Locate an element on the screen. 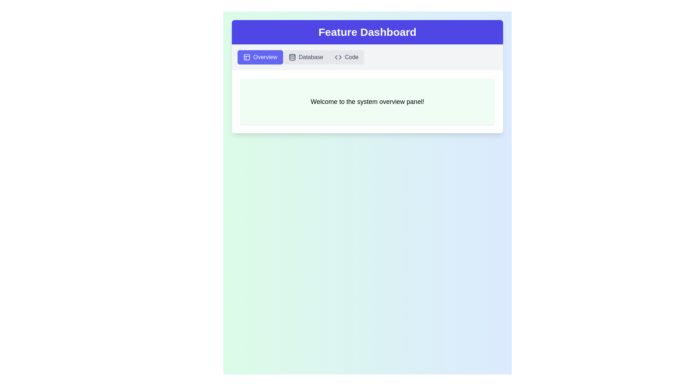  the 'Database' navigation button by clicking its icon located at the leftmost position in the navigation bar below the 'Feature Dashboard' heading is located at coordinates (292, 57).